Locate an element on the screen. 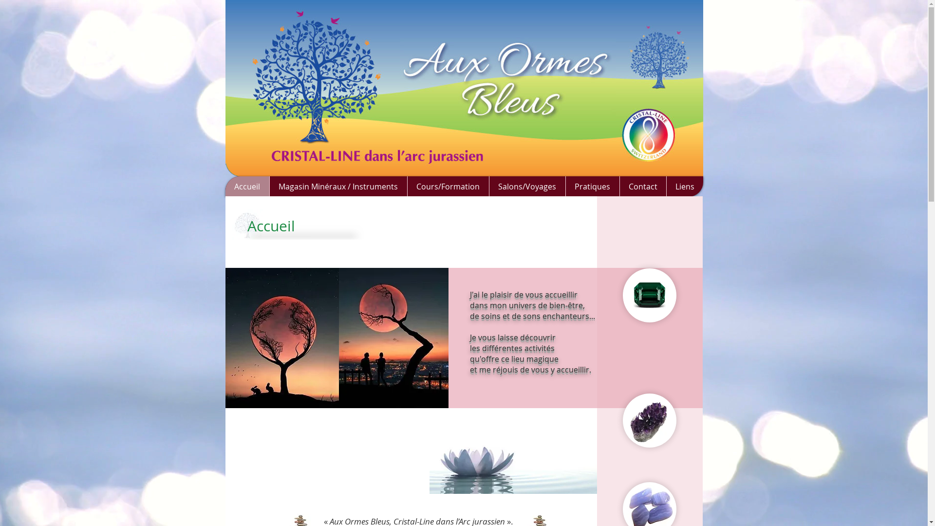  'Salons/Voyages' is located at coordinates (526, 186).